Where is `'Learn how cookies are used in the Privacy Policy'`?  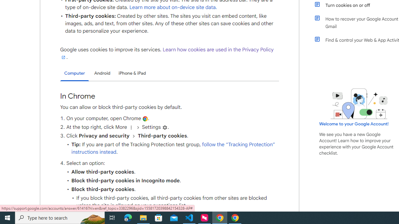 'Learn how cookies are used in the Privacy Policy' is located at coordinates (167, 53).